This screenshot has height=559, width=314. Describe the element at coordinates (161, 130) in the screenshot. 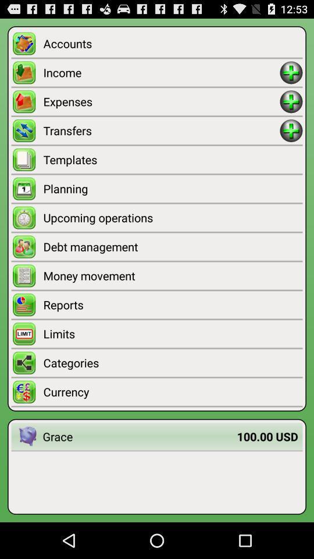

I see `the item above the templates app` at that location.